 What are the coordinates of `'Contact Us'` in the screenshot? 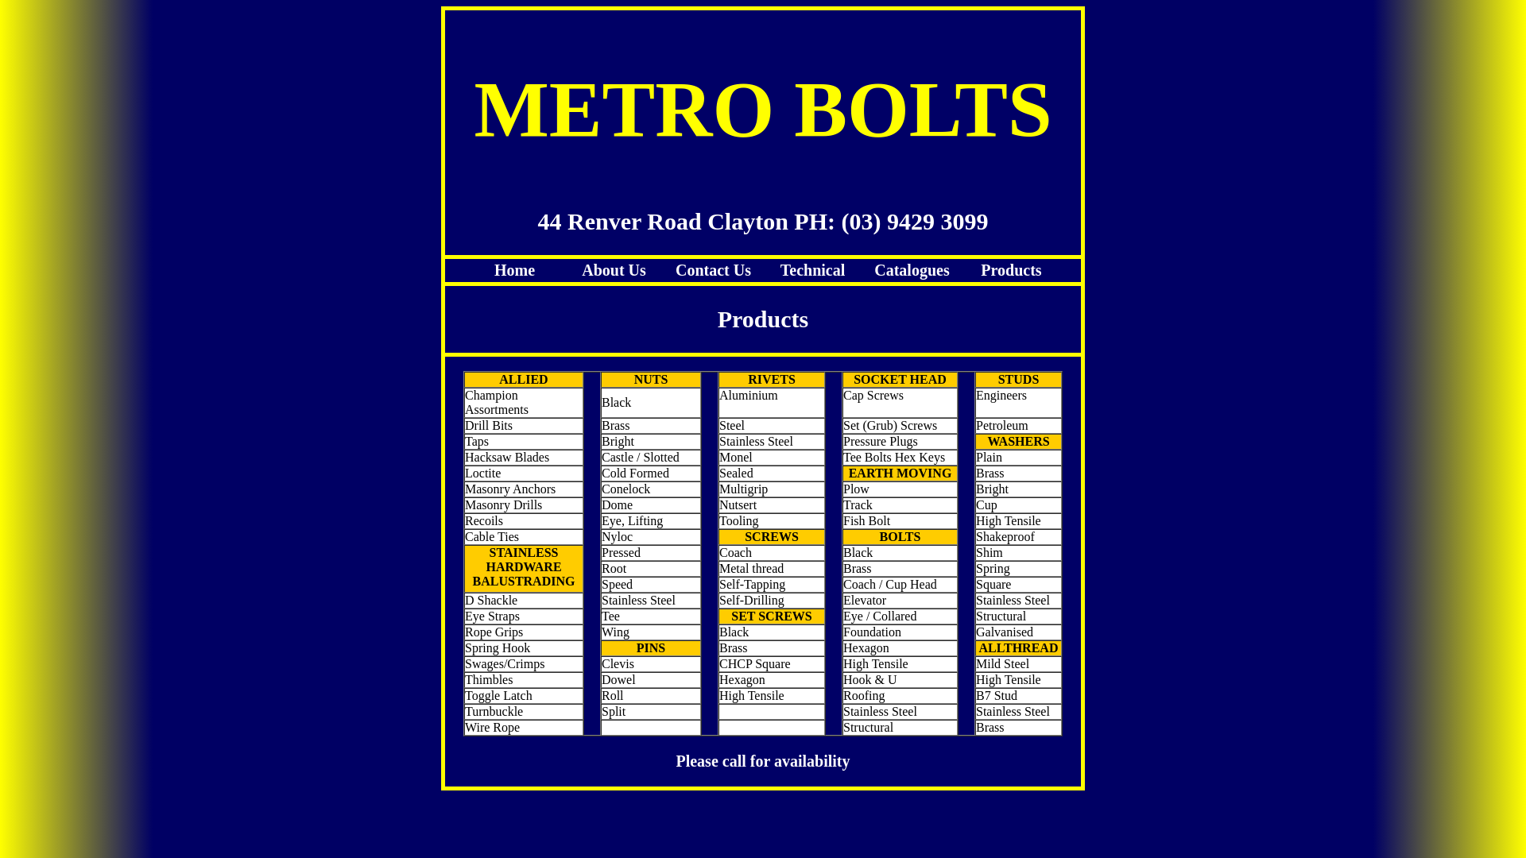 It's located at (675, 269).